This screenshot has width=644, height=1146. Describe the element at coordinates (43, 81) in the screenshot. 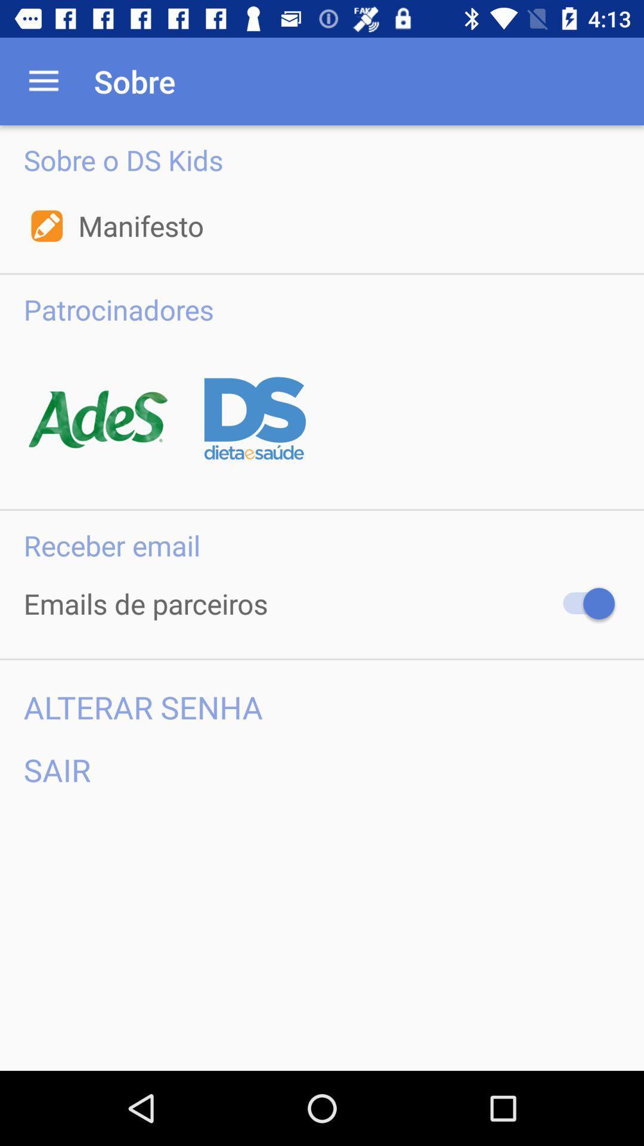

I see `the item above the sobre o ds` at that location.